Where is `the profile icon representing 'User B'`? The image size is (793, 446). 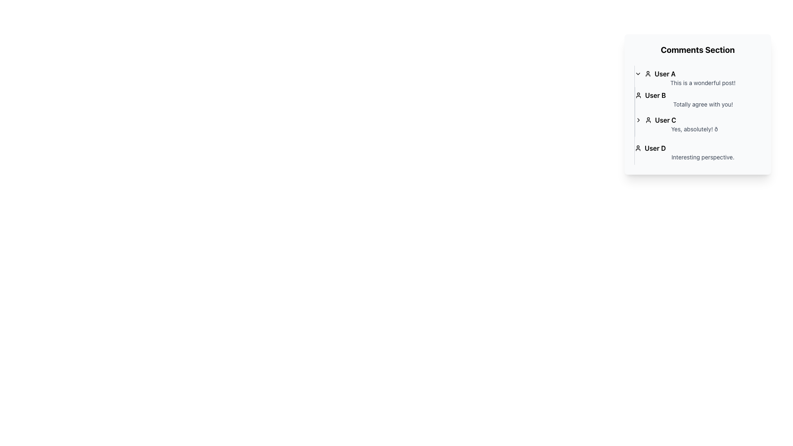 the profile icon representing 'User B' is located at coordinates (638, 95).